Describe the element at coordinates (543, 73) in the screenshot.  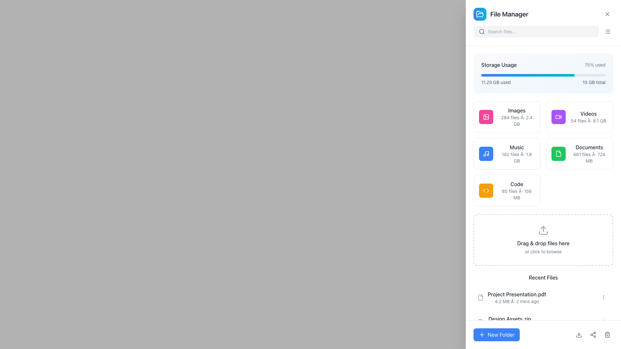
I see `contents of the Informational Card displaying storage usage statistics, which is located at the upper section of the file manager's main panel, just below the search bar` at that location.